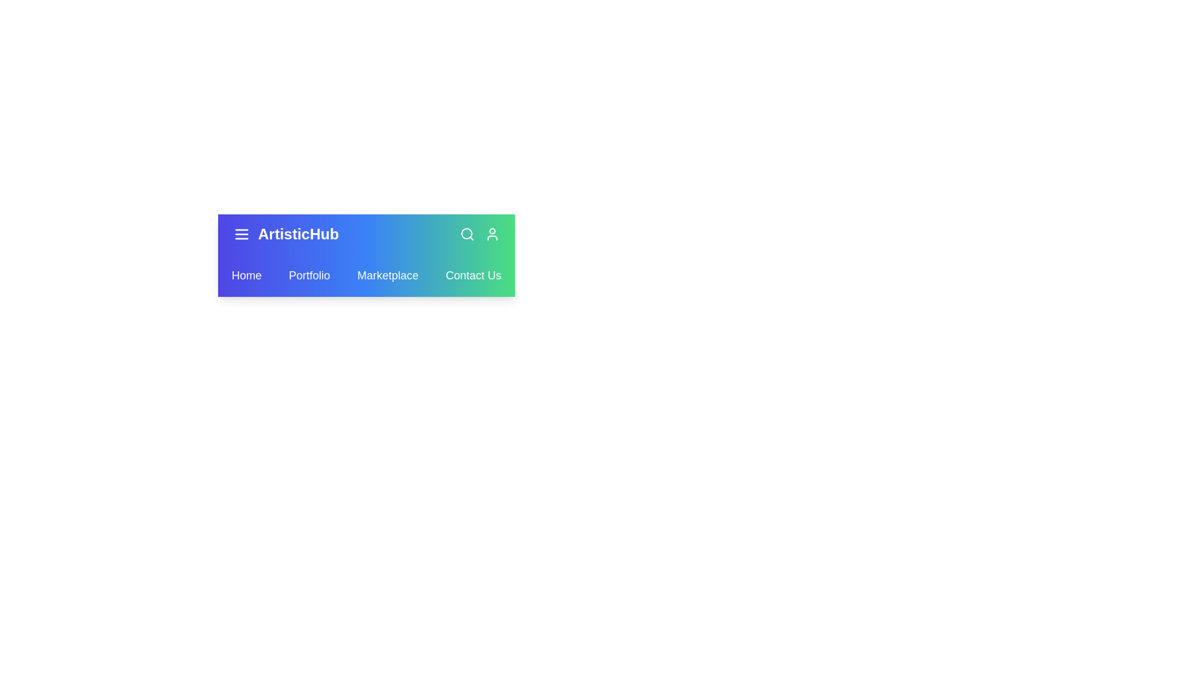  Describe the element at coordinates (309, 274) in the screenshot. I see `the Portfolio link in the navbar` at that location.